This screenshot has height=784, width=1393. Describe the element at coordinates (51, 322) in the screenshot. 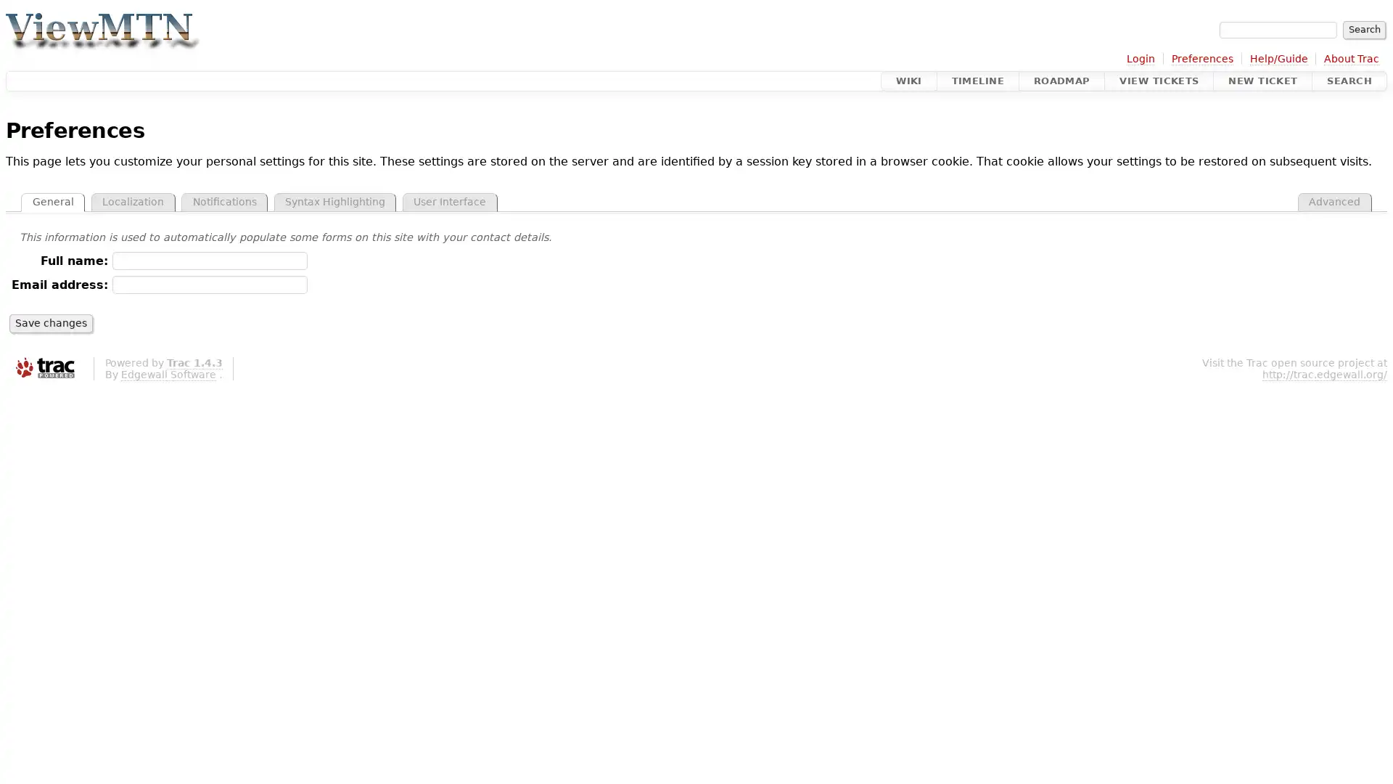

I see `Save changes` at that location.